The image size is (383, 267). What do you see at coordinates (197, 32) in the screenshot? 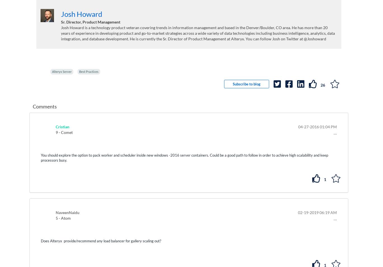
I see `'Josh Howard is a technology product veteran covering trends in information management and based in the Denver/Boulder, CO area. He has more than 20 years of experience in developing product and go-to-market strategies across a wide variety of data technologies including business intelligence, analytics, data integration, and database development. He is currently the Sr. Director of Product Management at Alteryx.  You can follow Josh on Twitter at @Joshoward'` at bounding box center [197, 32].